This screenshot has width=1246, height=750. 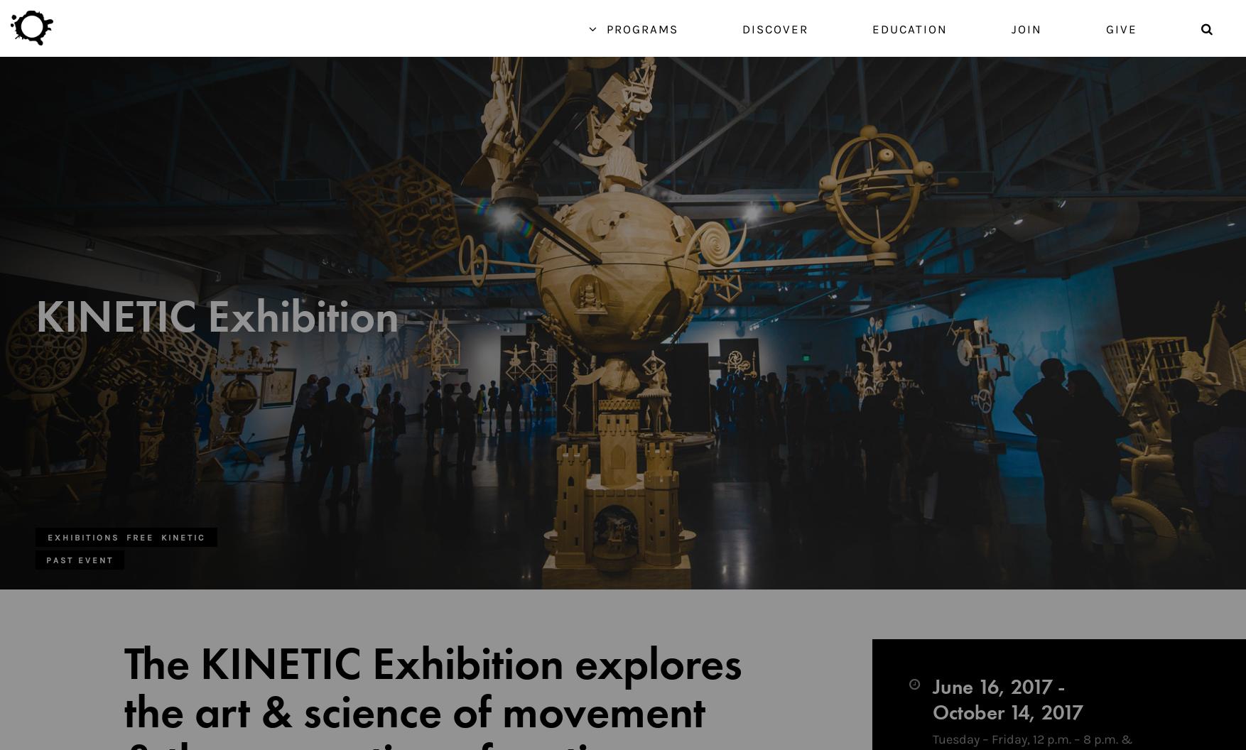 I want to click on 'Browse all programs for performance pieces showcasing live creativity in action.', so click(x=926, y=668).